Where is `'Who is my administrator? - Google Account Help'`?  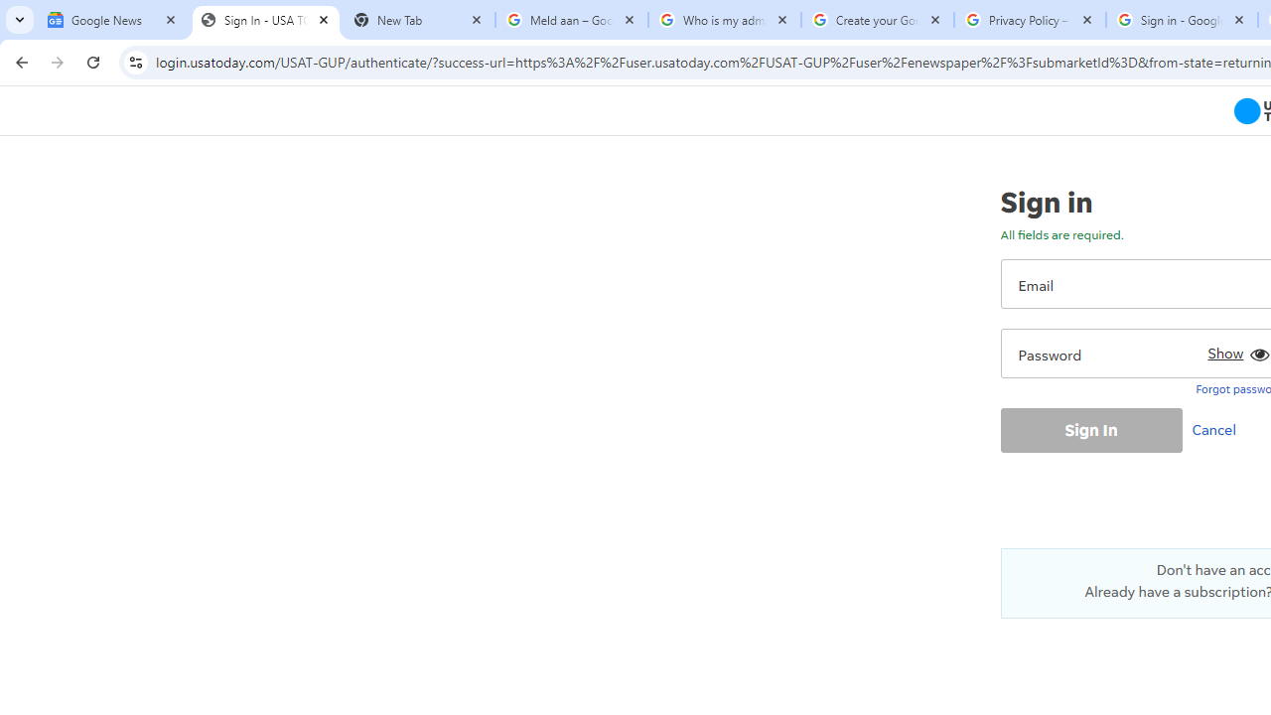
'Who is my administrator? - Google Account Help' is located at coordinates (724, 20).